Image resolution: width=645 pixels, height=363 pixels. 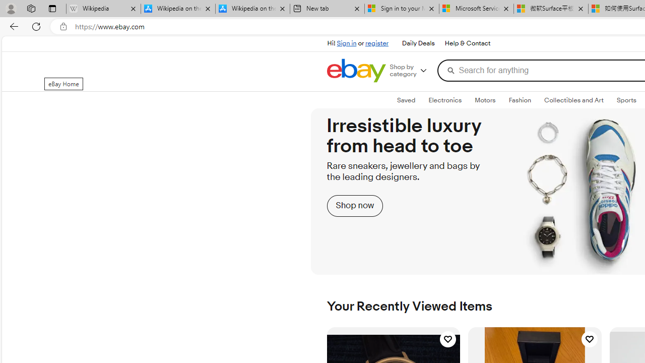 I want to click on 'Collectibles and Art', so click(x=574, y=100).